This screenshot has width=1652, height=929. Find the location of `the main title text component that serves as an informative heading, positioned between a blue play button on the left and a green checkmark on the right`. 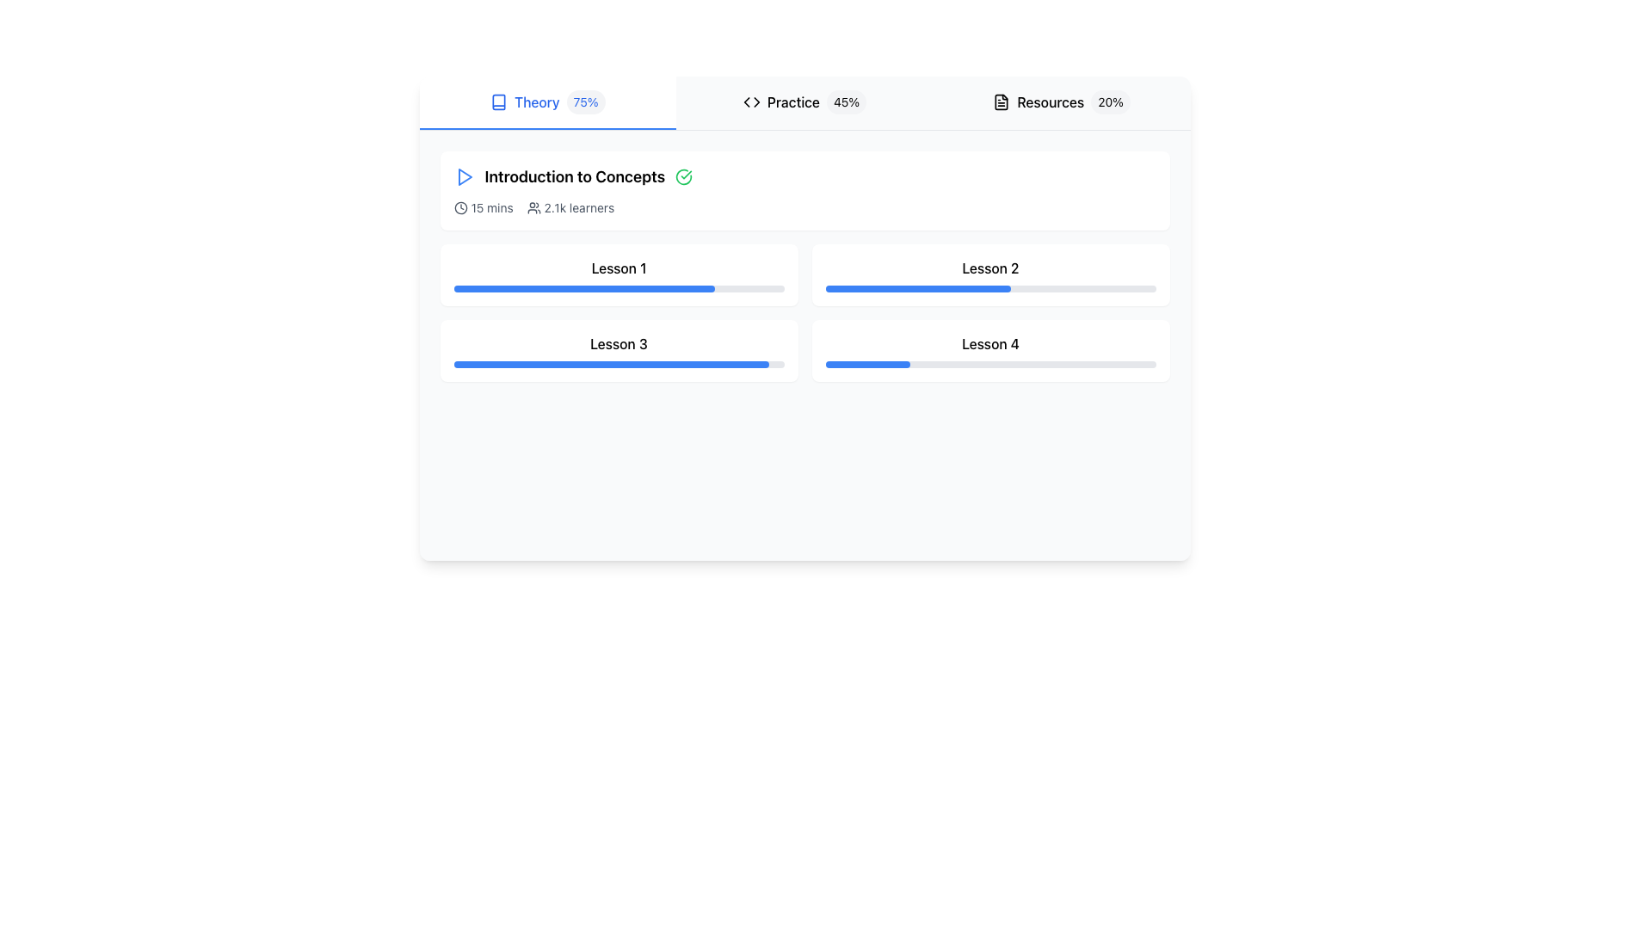

the main title text component that serves as an informative heading, positioned between a blue play button on the left and a green checkmark on the right is located at coordinates (575, 176).